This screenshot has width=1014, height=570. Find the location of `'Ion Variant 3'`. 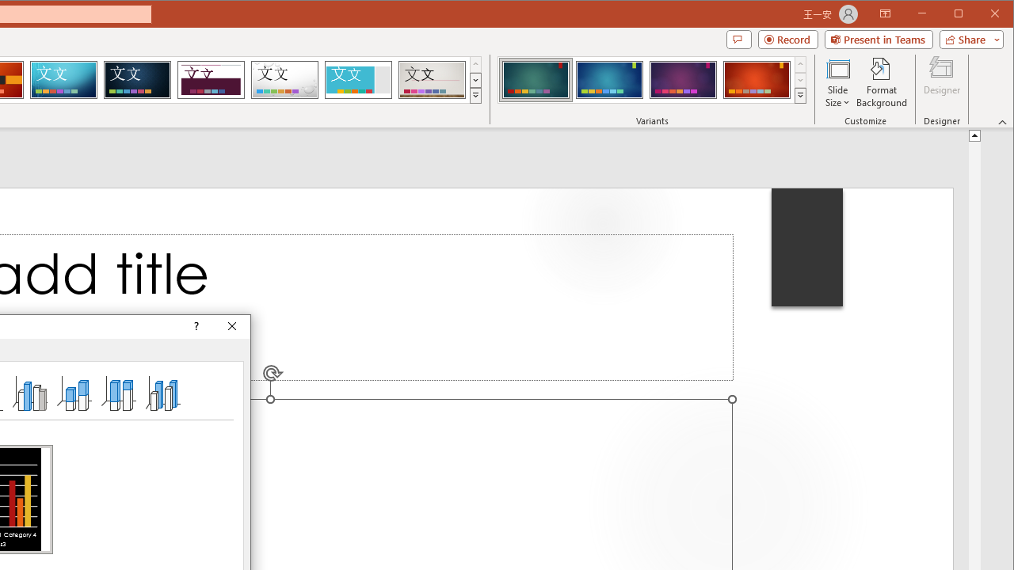

'Ion Variant 3' is located at coordinates (683, 79).